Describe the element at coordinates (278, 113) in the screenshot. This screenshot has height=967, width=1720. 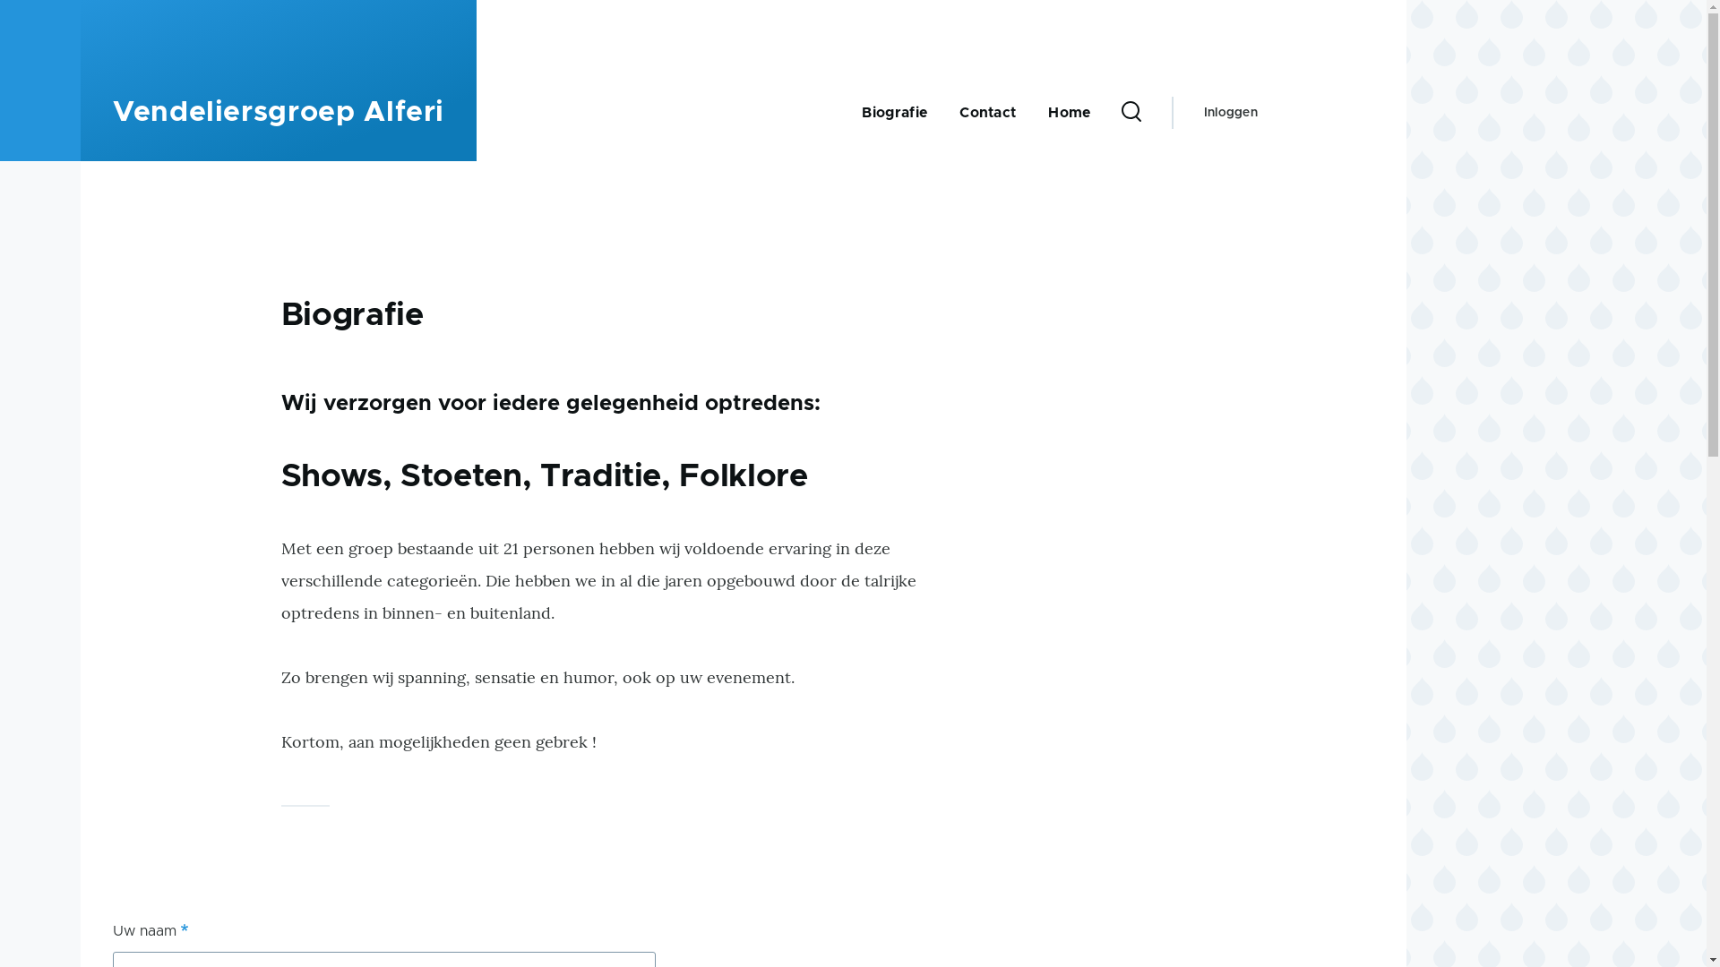
I see `'Vendeliersgroep Alferi'` at that location.